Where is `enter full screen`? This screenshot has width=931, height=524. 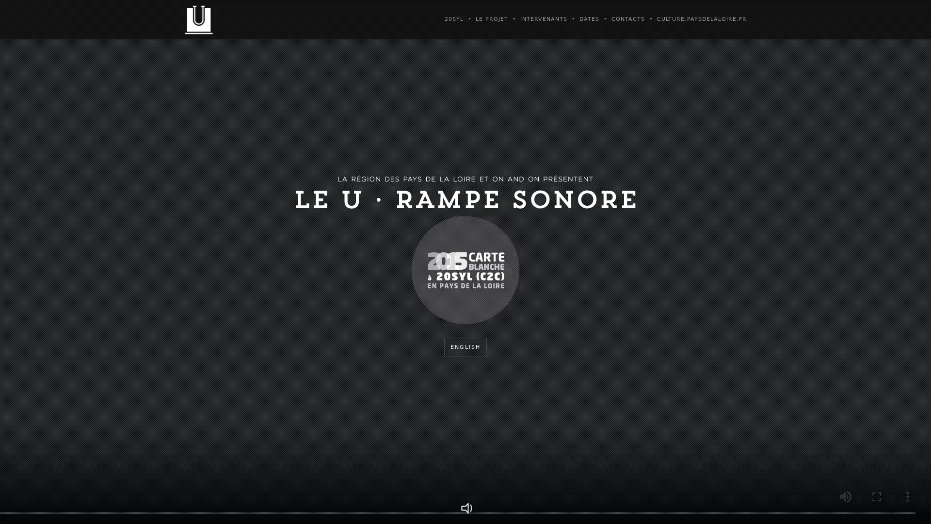 enter full screen is located at coordinates (877, 496).